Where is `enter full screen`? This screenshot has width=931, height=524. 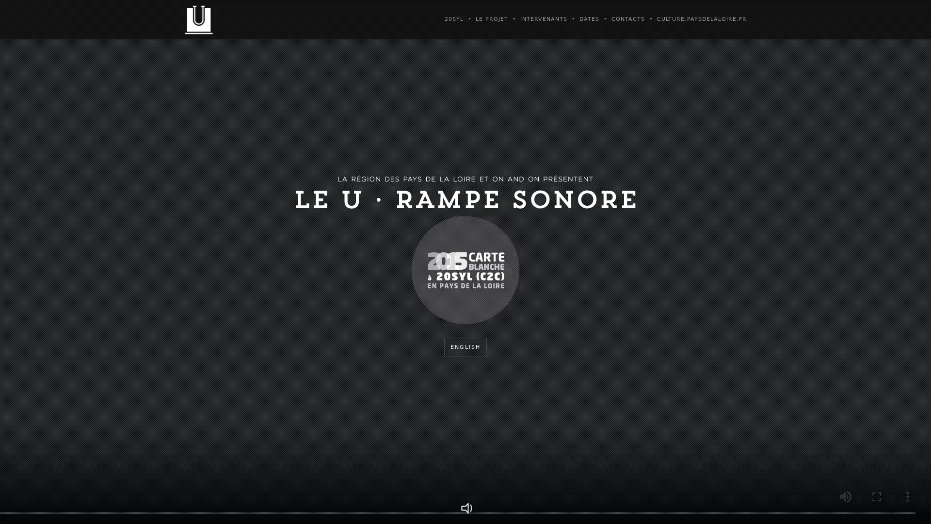 enter full screen is located at coordinates (877, 496).